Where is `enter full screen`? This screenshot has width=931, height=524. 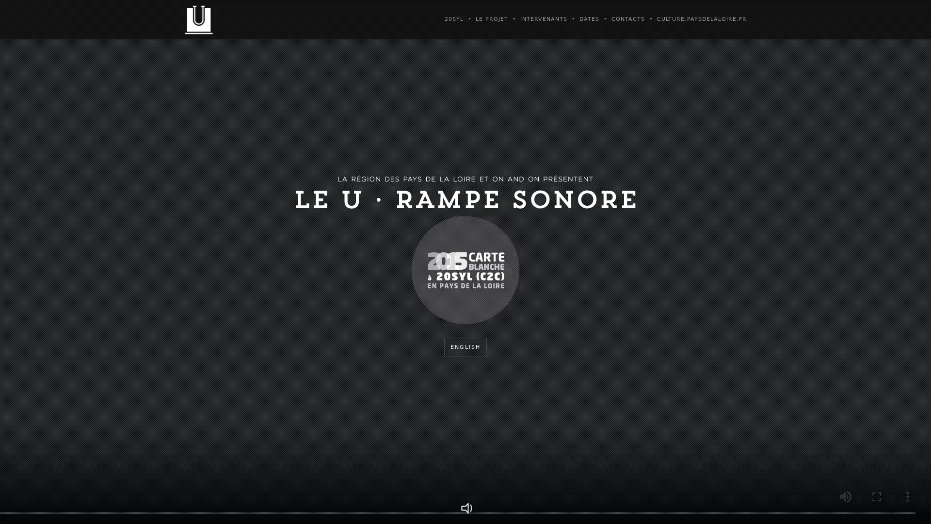 enter full screen is located at coordinates (877, 496).